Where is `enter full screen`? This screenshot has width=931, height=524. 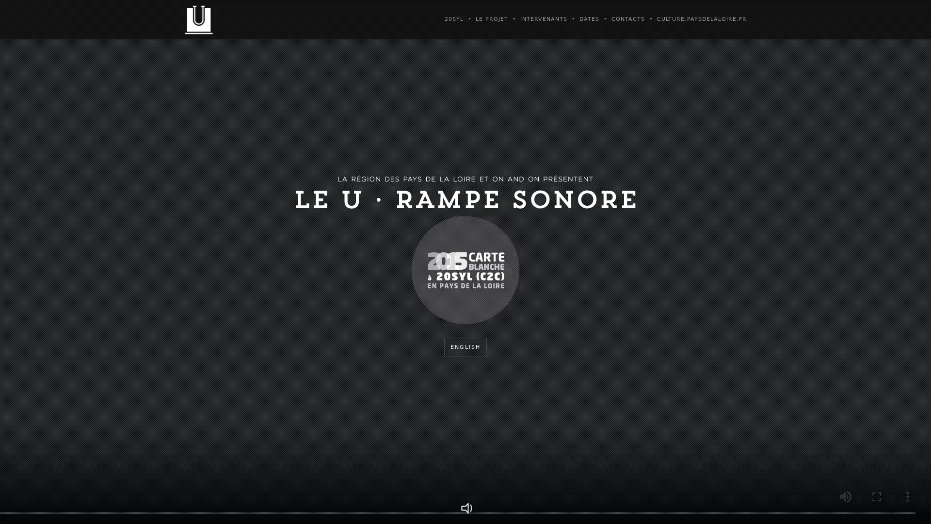 enter full screen is located at coordinates (877, 496).